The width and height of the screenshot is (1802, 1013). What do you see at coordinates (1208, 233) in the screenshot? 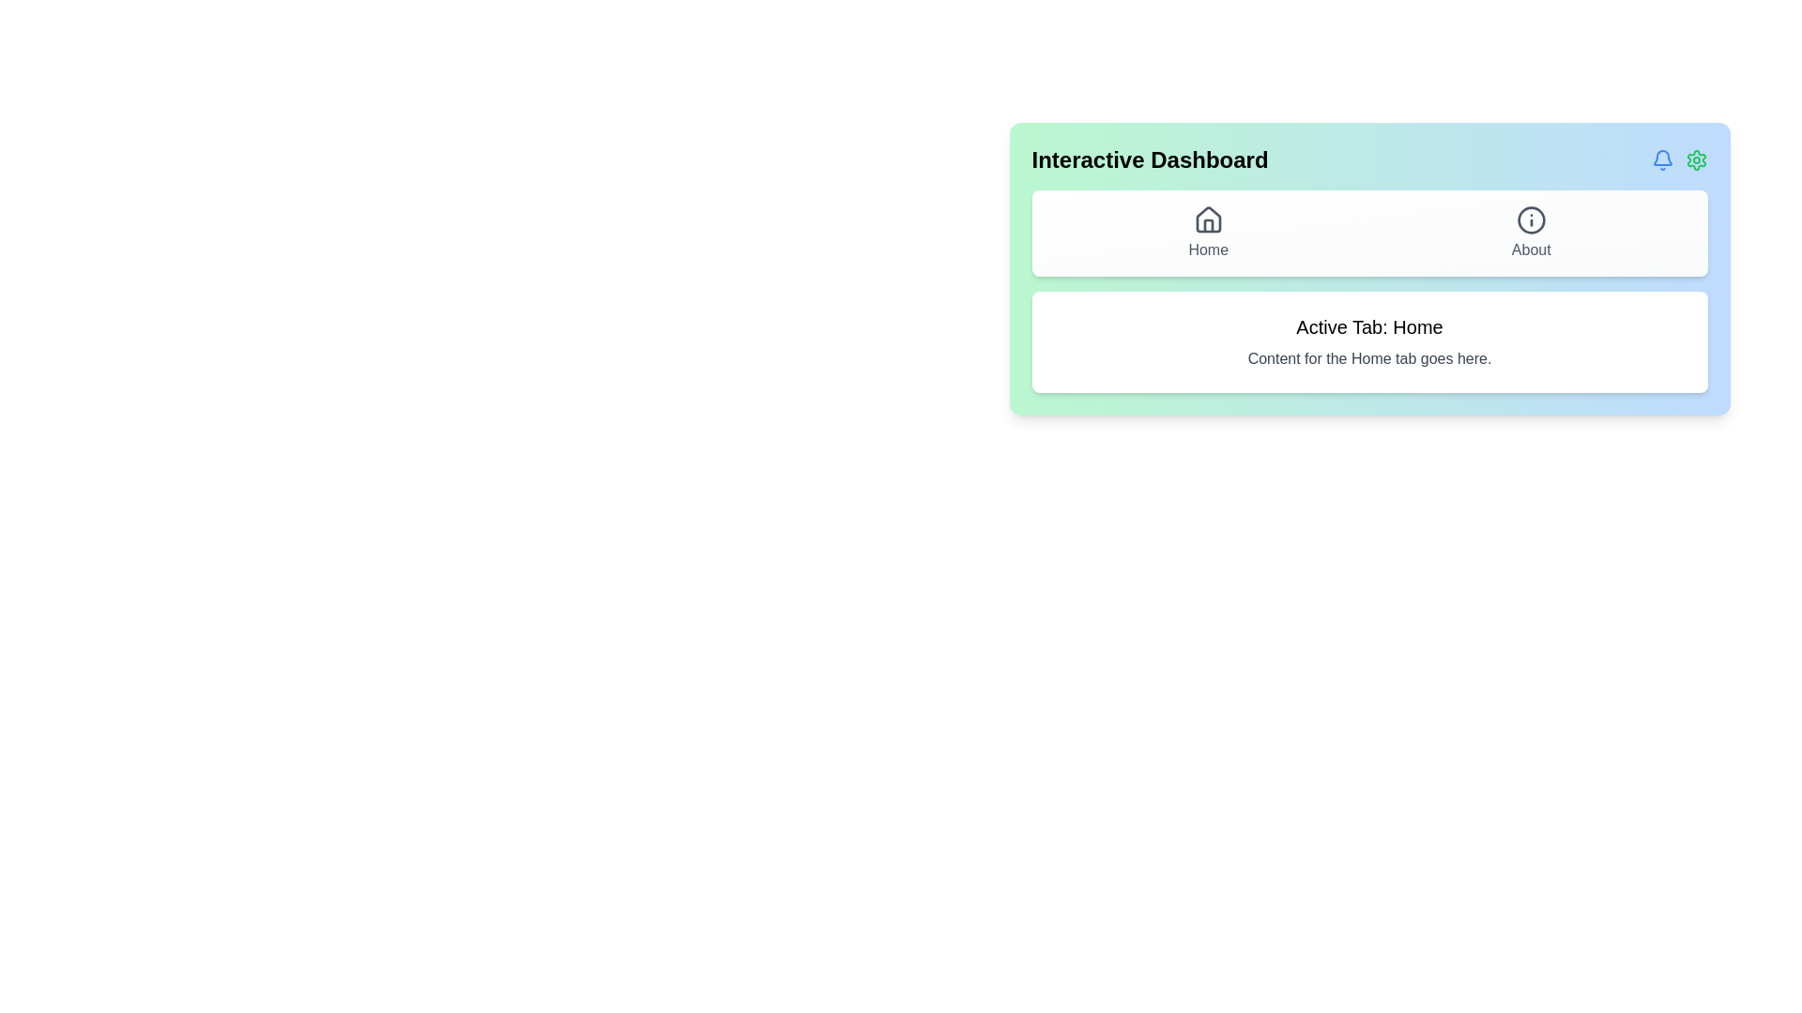
I see `the 'Home' button, which features a house icon and is positioned on the left side of the top navigation bar` at bounding box center [1208, 233].